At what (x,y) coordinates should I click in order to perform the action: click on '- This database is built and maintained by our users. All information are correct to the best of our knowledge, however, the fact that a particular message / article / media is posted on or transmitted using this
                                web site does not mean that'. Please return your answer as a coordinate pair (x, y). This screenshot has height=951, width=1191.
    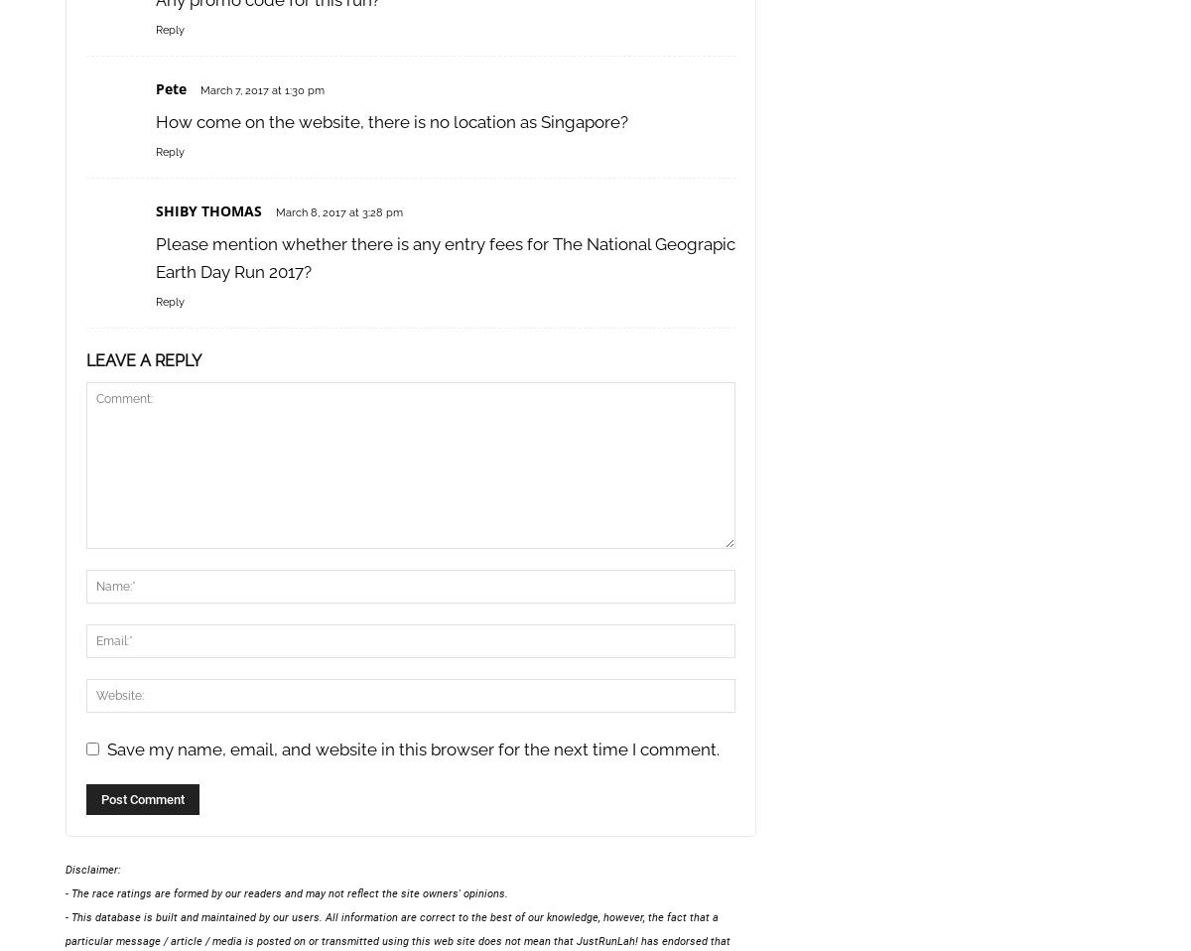
    Looking at the image, I should click on (66, 928).